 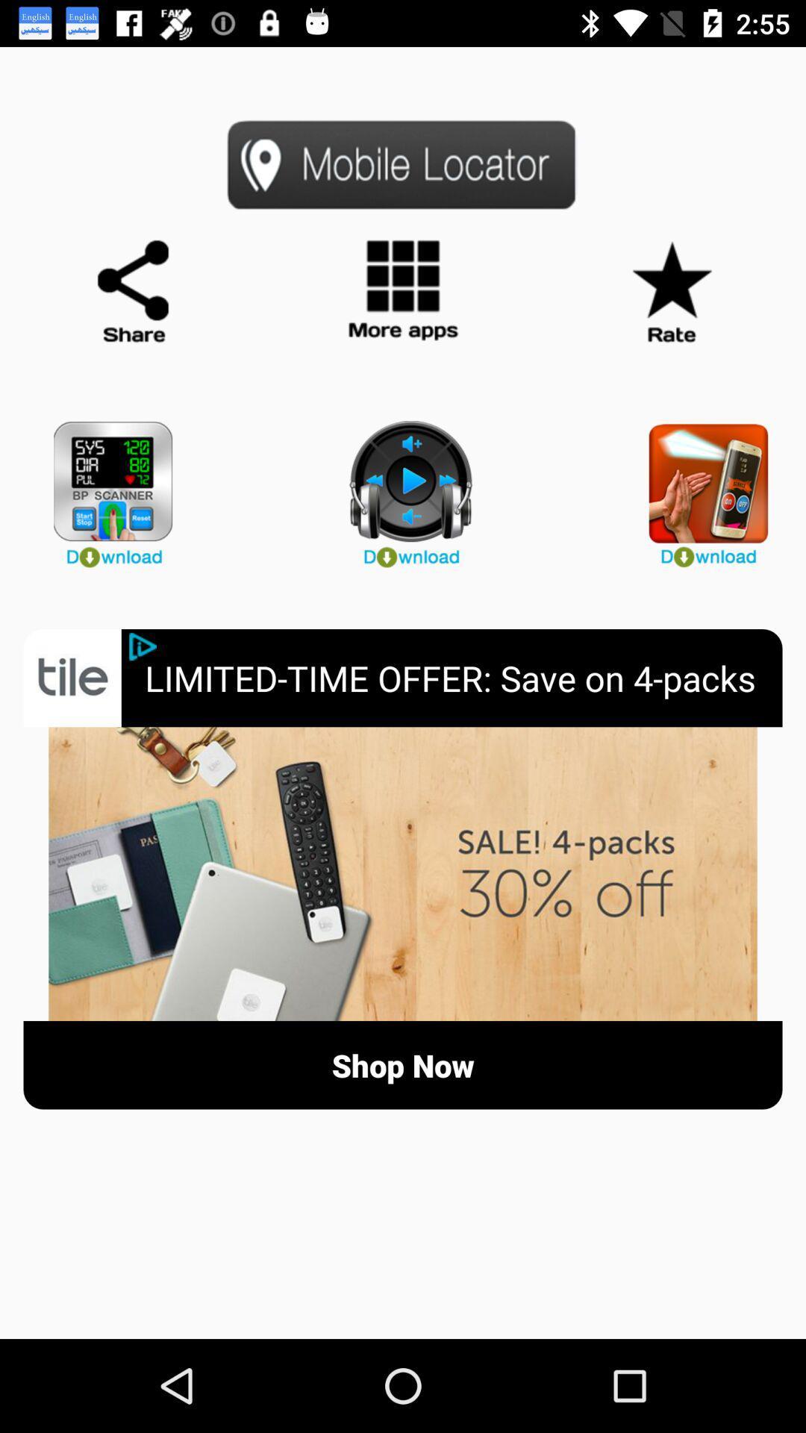 What do you see at coordinates (670, 292) in the screenshot?
I see `rate` at bounding box center [670, 292].